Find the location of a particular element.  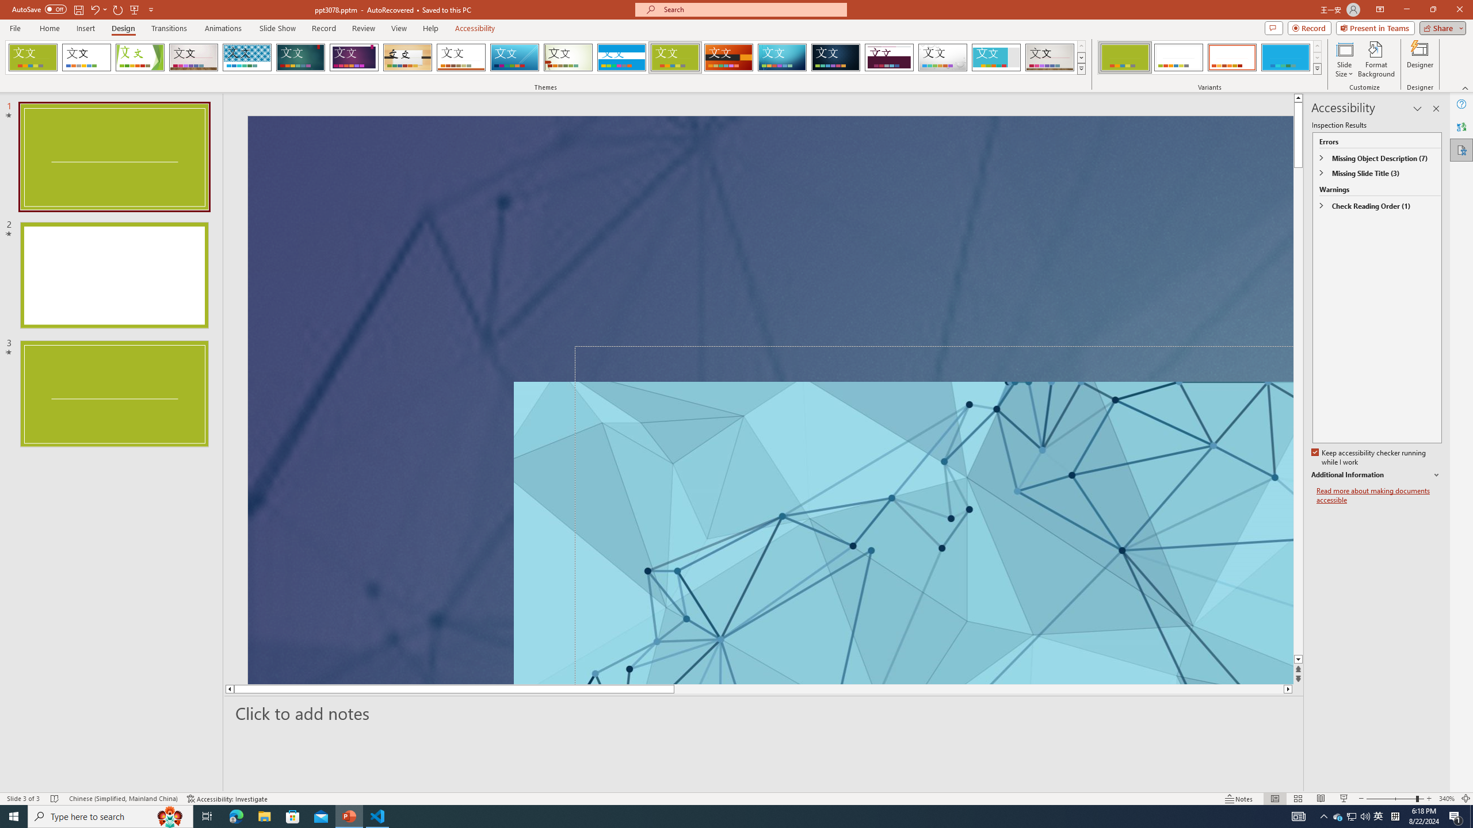

'Berlin' is located at coordinates (729, 57).